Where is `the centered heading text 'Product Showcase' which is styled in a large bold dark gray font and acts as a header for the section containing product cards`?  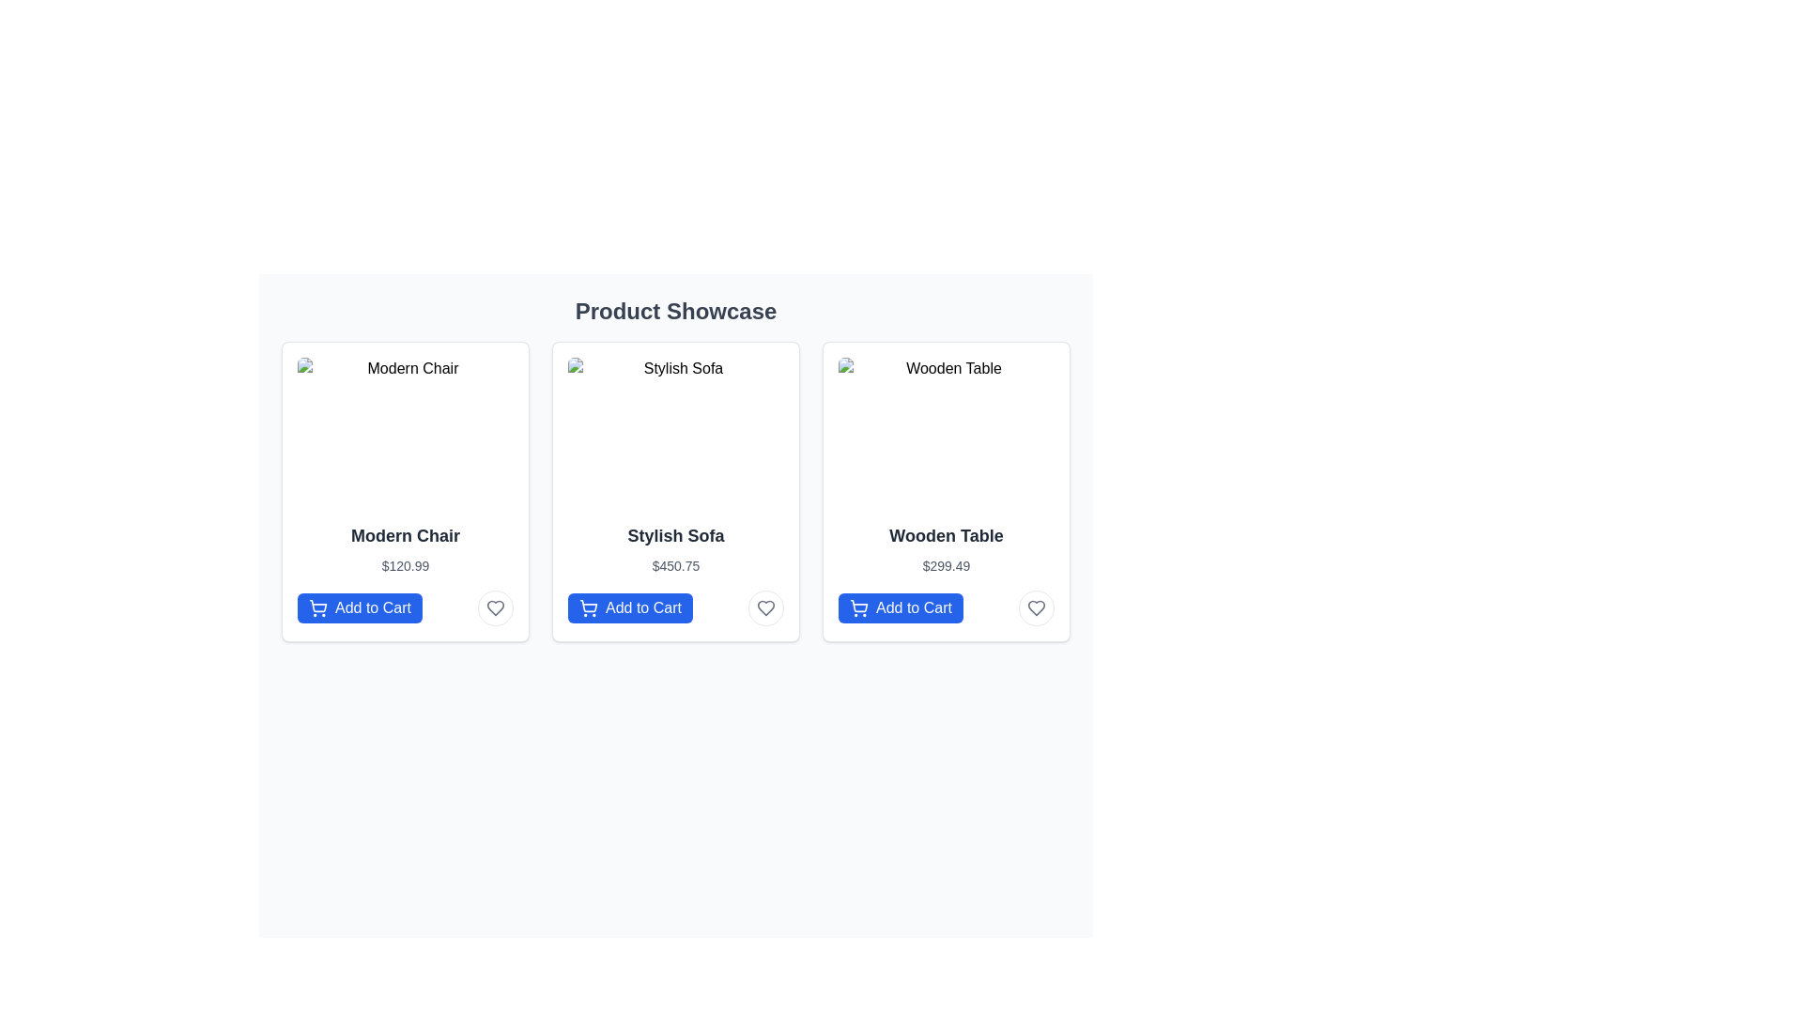
the centered heading text 'Product Showcase' which is styled in a large bold dark gray font and acts as a header for the section containing product cards is located at coordinates (676, 310).